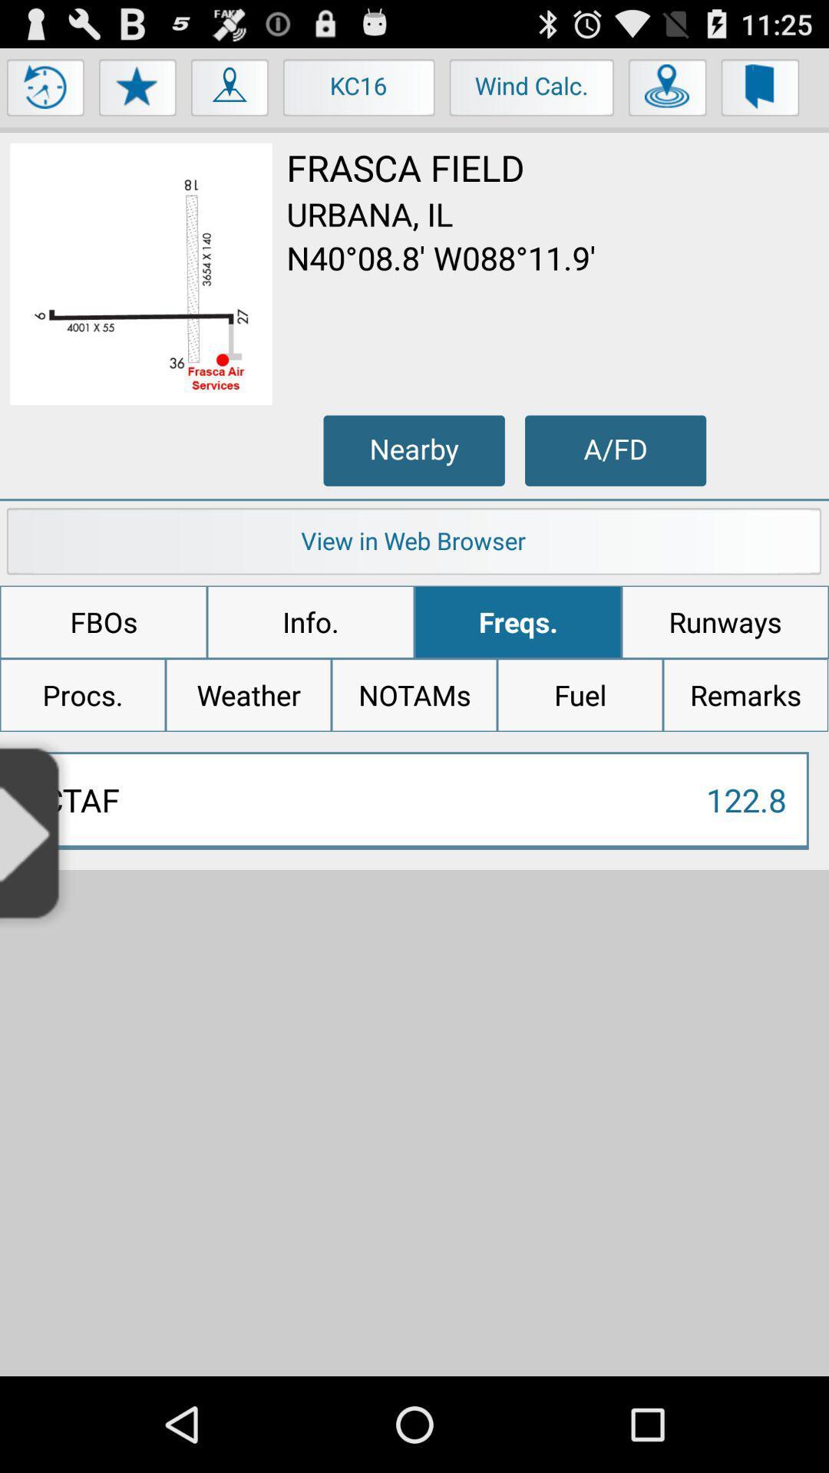 This screenshot has height=1473, width=829. What do you see at coordinates (761, 91) in the screenshot?
I see `folder file` at bounding box center [761, 91].